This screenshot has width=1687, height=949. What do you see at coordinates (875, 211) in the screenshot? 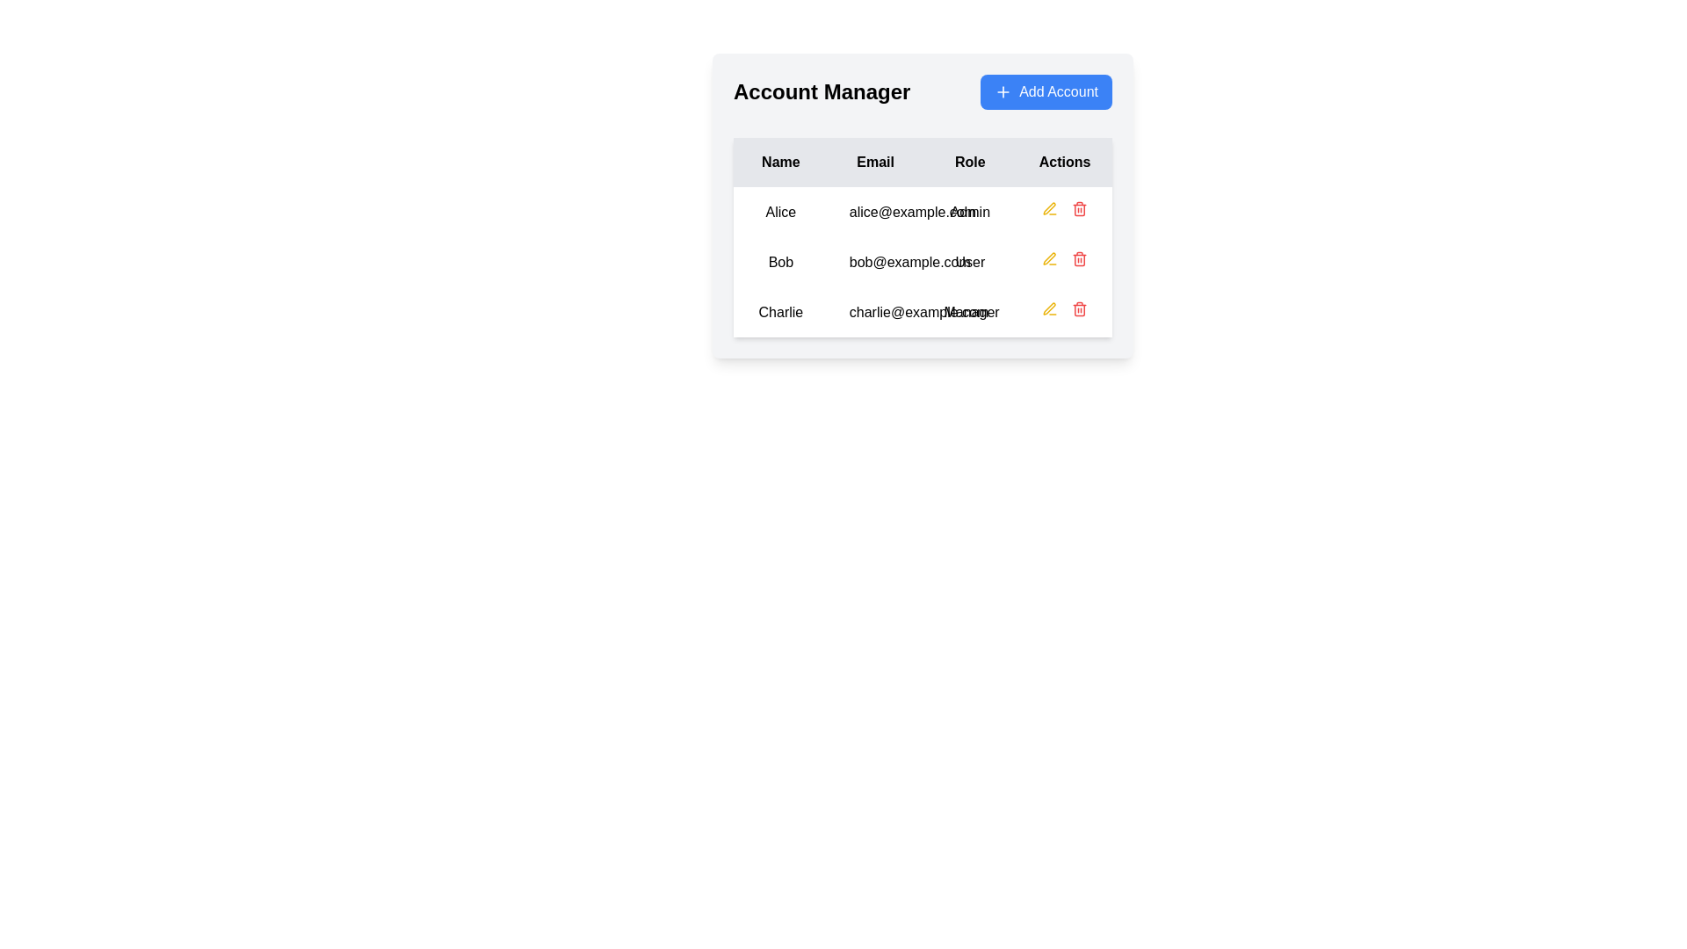
I see `the text display field showing the email address associated with the user named 'Alice', located in the second column of the row in the table` at bounding box center [875, 211].